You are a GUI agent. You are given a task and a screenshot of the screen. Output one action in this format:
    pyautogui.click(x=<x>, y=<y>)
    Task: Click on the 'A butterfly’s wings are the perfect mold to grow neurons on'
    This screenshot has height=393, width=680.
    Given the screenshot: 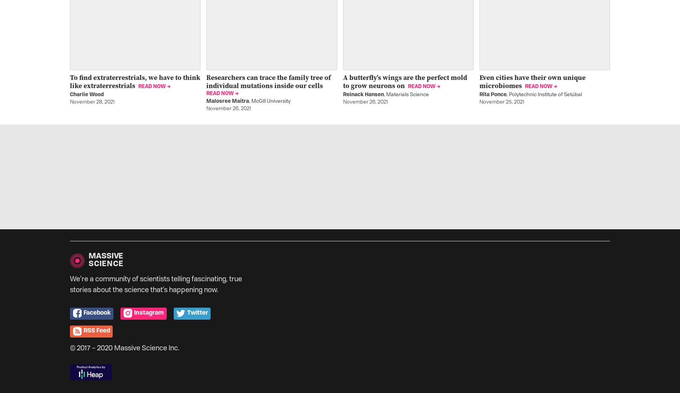 What is the action you would take?
    pyautogui.click(x=404, y=81)
    